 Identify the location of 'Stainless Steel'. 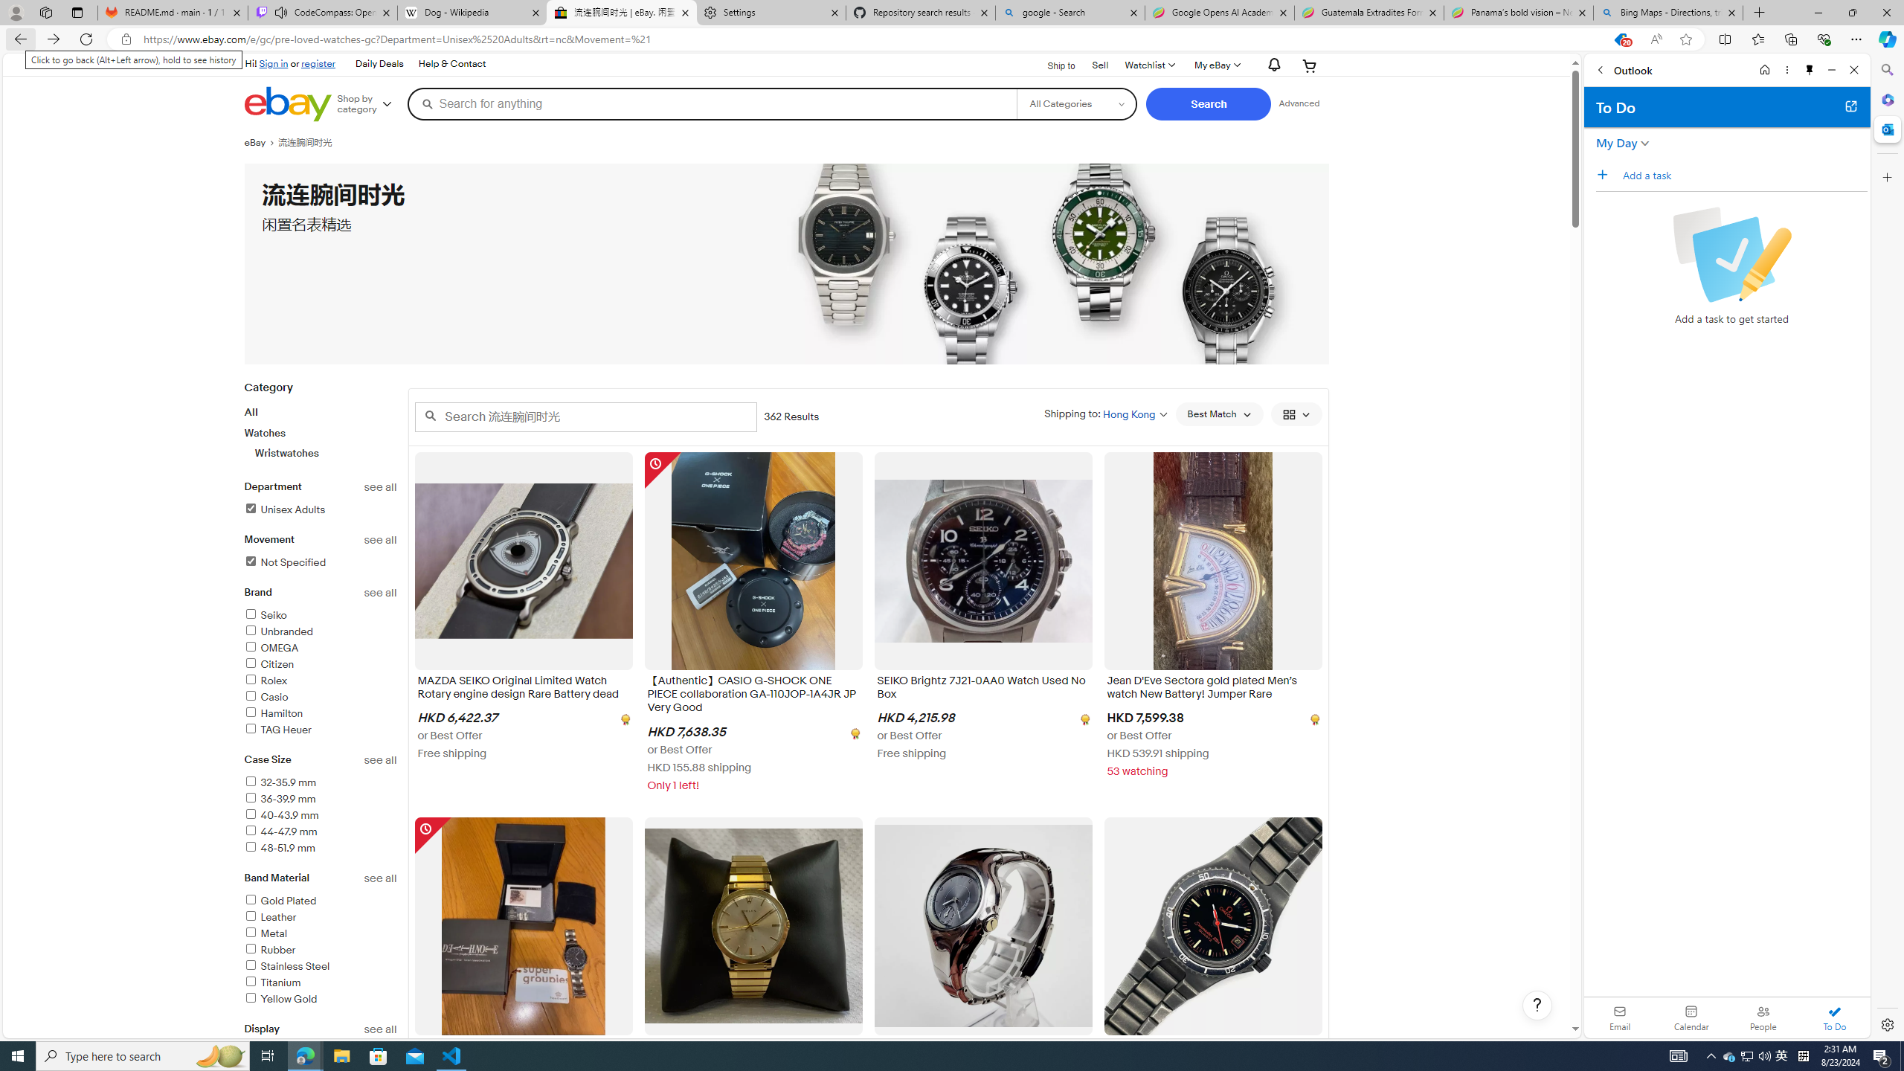
(286, 965).